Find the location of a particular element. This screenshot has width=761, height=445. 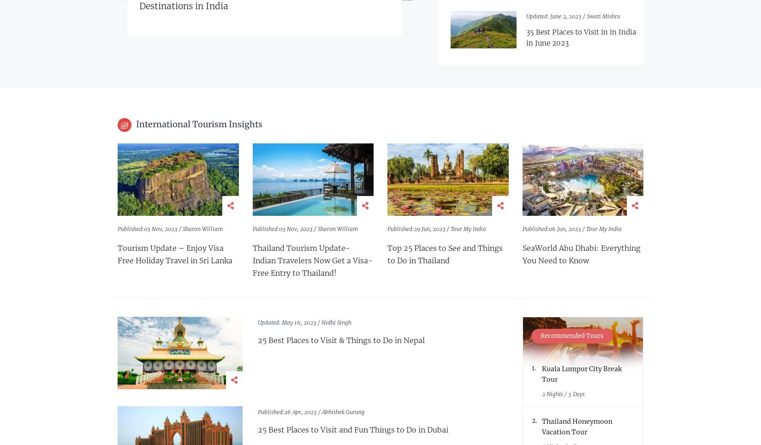

'Tourism Update – Enjoy Visa Free Holiday Travel in Sri Lanka' is located at coordinates (117, 253).